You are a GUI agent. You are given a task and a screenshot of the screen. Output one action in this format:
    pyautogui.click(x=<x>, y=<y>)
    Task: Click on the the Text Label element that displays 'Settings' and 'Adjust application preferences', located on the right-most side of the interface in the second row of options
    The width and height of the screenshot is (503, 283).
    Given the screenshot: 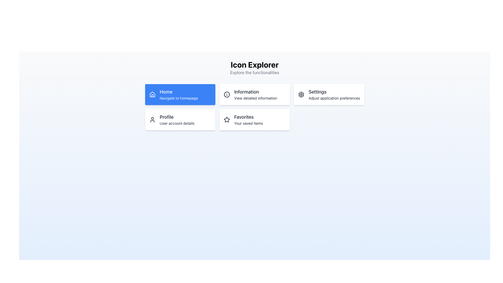 What is the action you would take?
    pyautogui.click(x=334, y=95)
    